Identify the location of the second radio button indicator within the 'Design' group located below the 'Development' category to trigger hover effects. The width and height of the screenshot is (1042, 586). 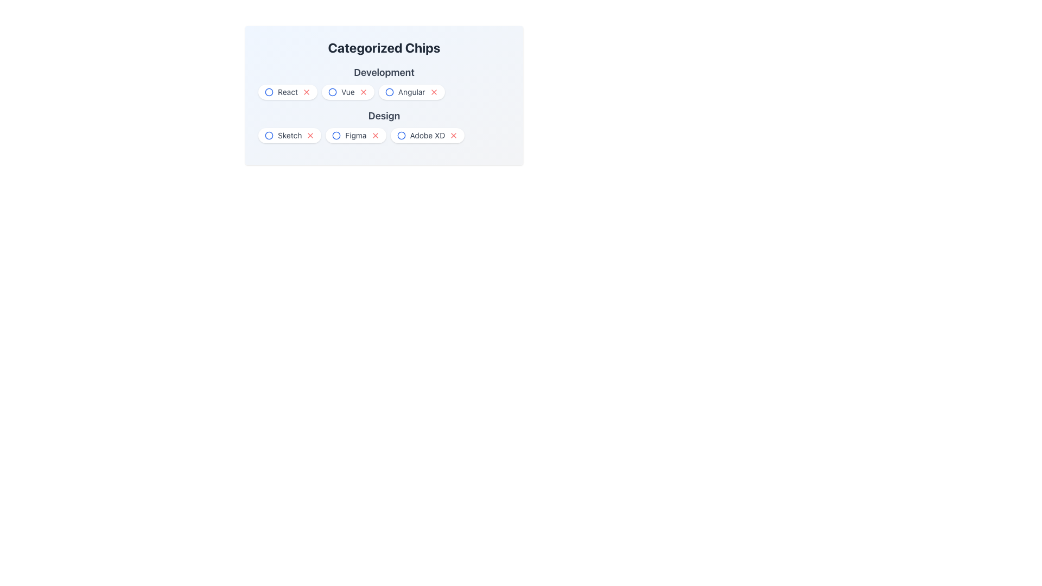
(336, 135).